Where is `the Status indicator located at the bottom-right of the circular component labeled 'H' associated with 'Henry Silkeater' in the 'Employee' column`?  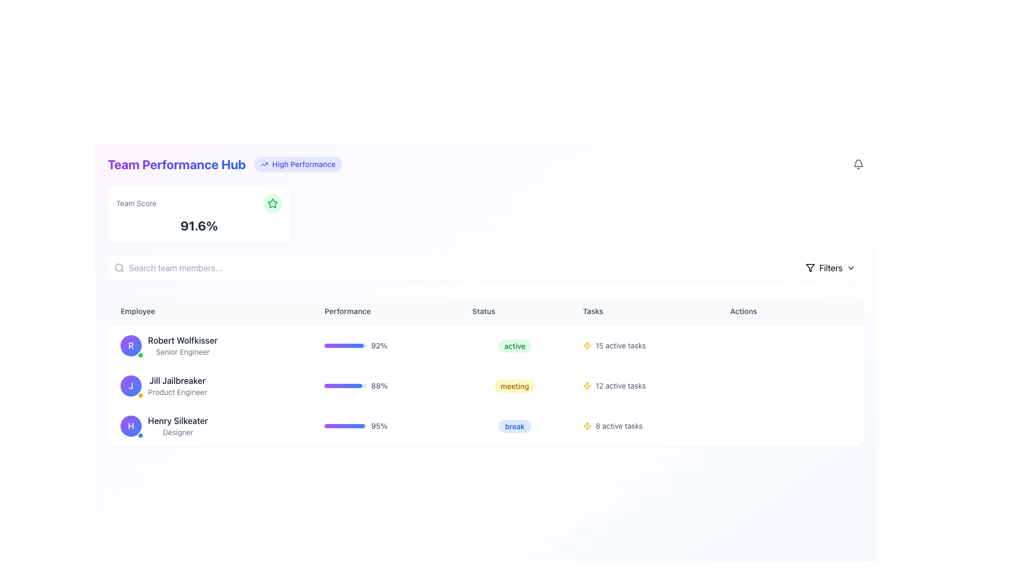 the Status indicator located at the bottom-right of the circular component labeled 'H' associated with 'Henry Silkeater' in the 'Employee' column is located at coordinates (140, 436).